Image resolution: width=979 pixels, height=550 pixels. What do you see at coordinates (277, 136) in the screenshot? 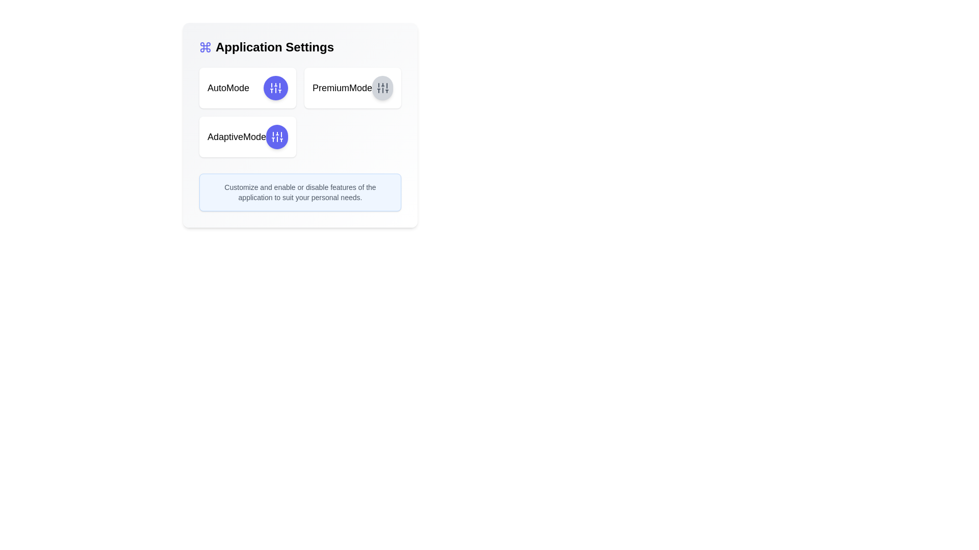
I see `the vertical sliders icon, which is styled with a white outline on a blue circular background and located within the 'AdaptiveMode' button in the 'Application Settings' modal box` at bounding box center [277, 136].